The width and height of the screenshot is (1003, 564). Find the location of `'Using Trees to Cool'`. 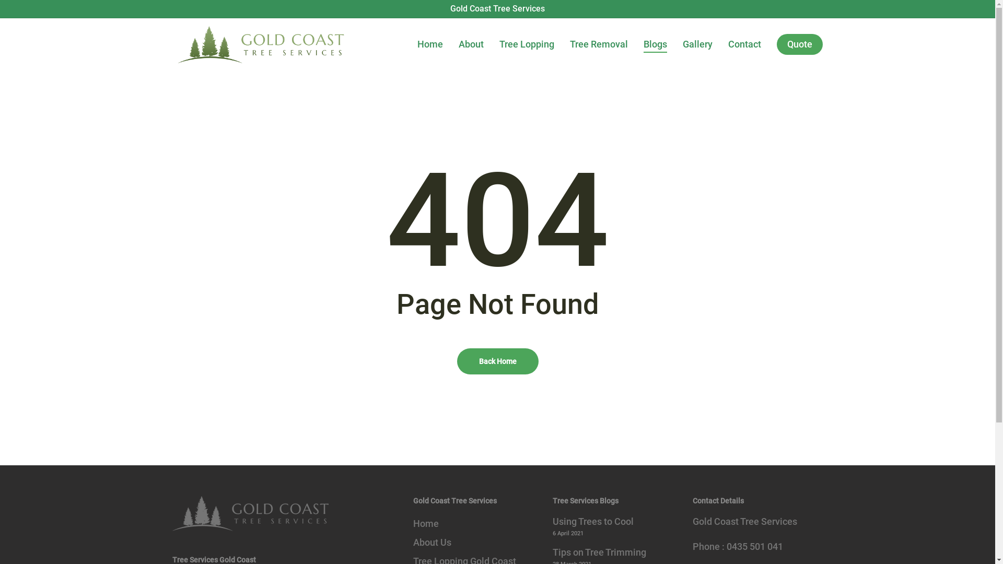

'Using Trees to Cool' is located at coordinates (616, 522).